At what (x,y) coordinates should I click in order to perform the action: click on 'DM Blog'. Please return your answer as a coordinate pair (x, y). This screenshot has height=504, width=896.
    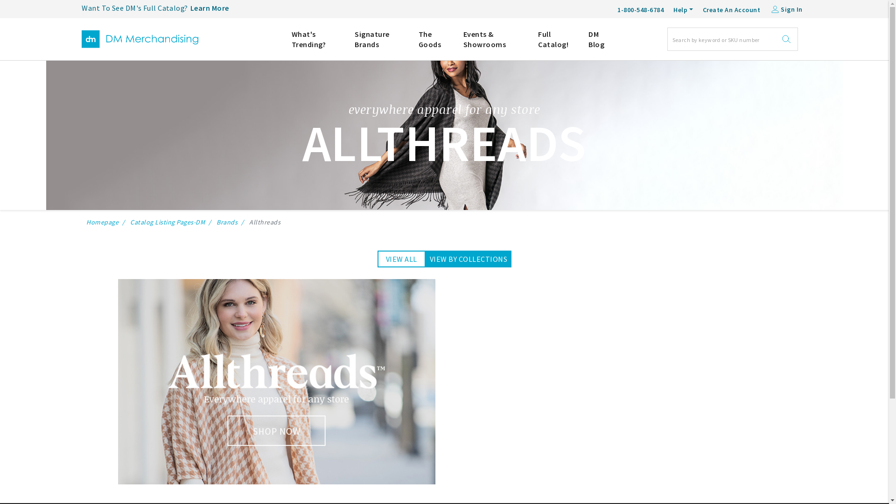
    Looking at the image, I should click on (588, 39).